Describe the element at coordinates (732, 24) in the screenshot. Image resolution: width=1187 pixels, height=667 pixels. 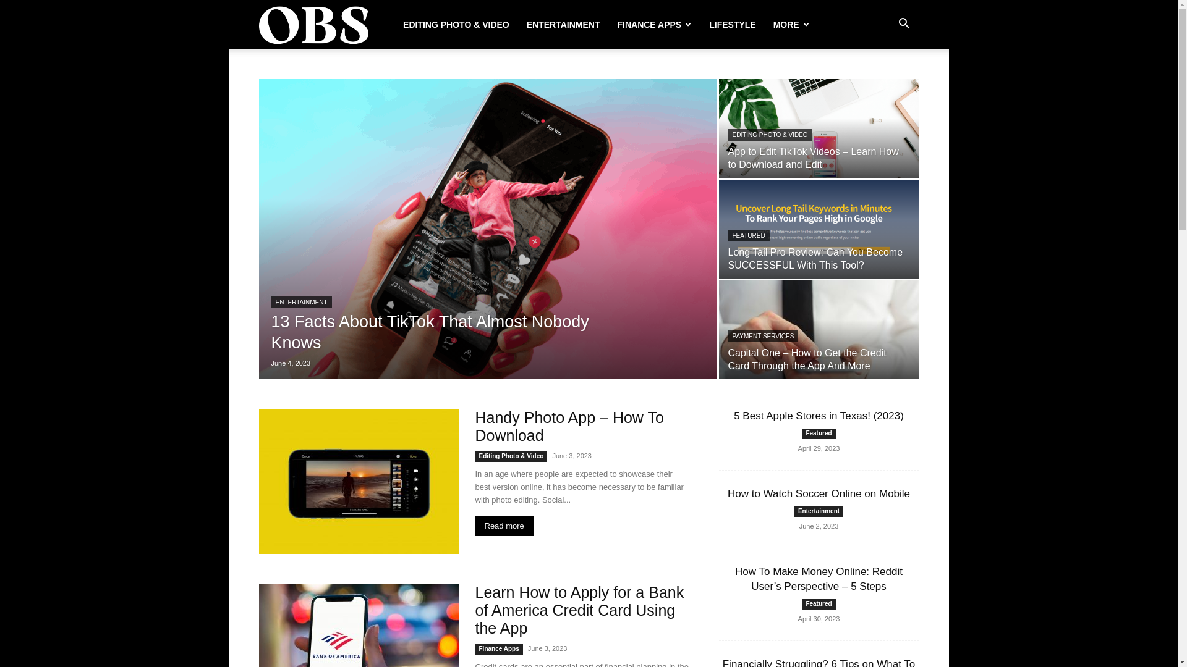
I see `'LIFESTYLE'` at that location.